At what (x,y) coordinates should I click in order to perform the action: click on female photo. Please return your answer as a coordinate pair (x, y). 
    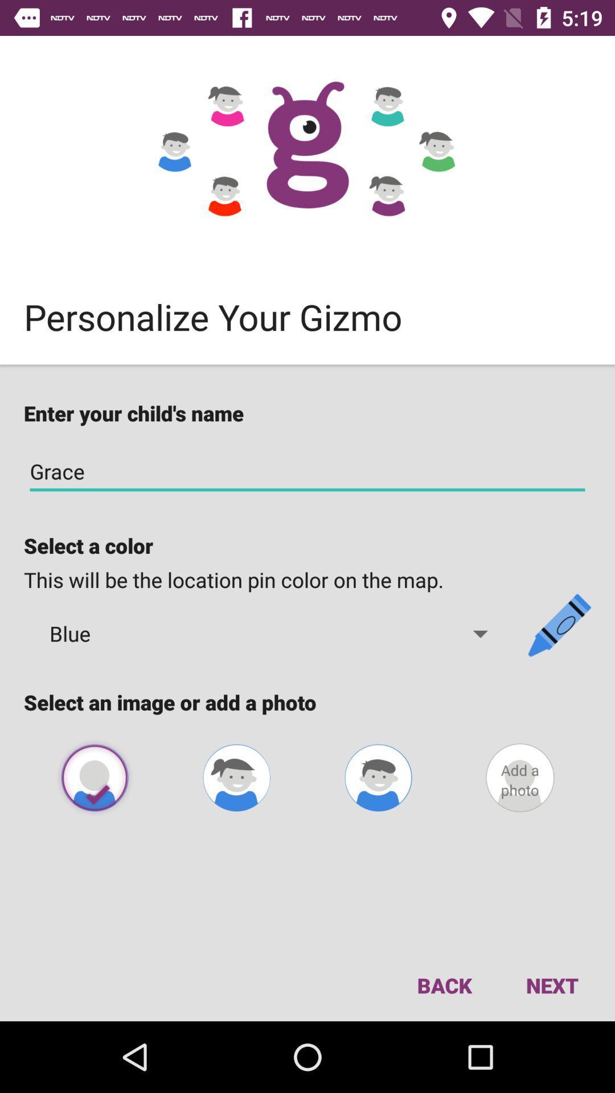
    Looking at the image, I should click on (236, 777).